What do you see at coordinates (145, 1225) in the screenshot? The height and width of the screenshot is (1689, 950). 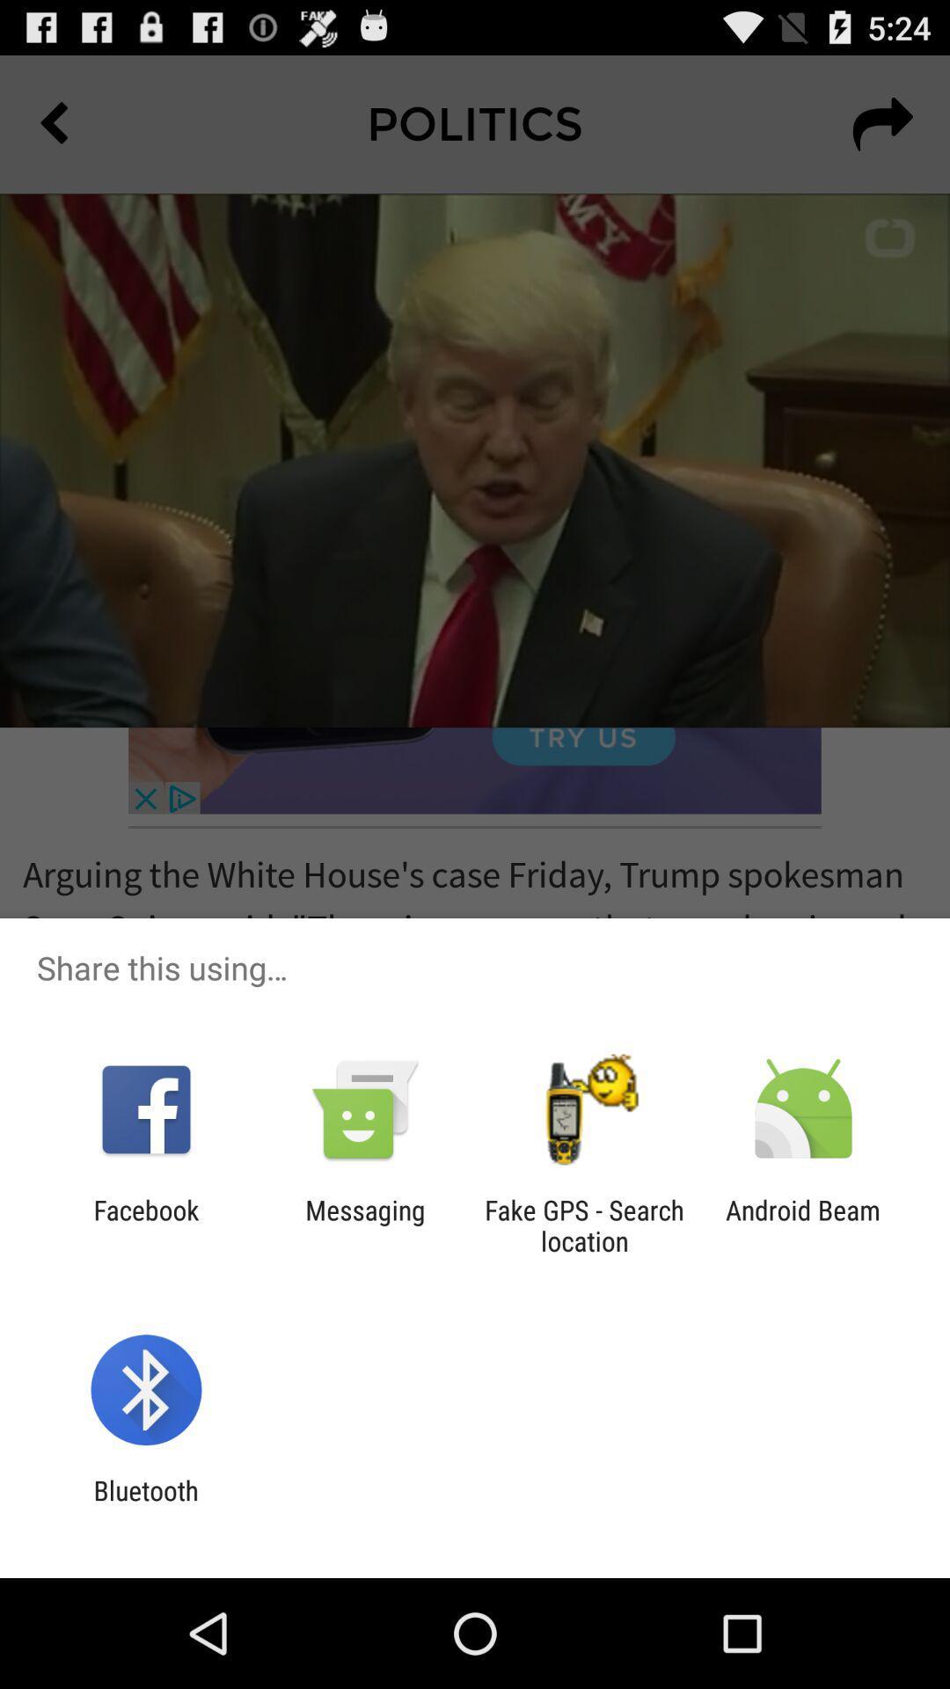 I see `the icon next to the messaging app` at bounding box center [145, 1225].